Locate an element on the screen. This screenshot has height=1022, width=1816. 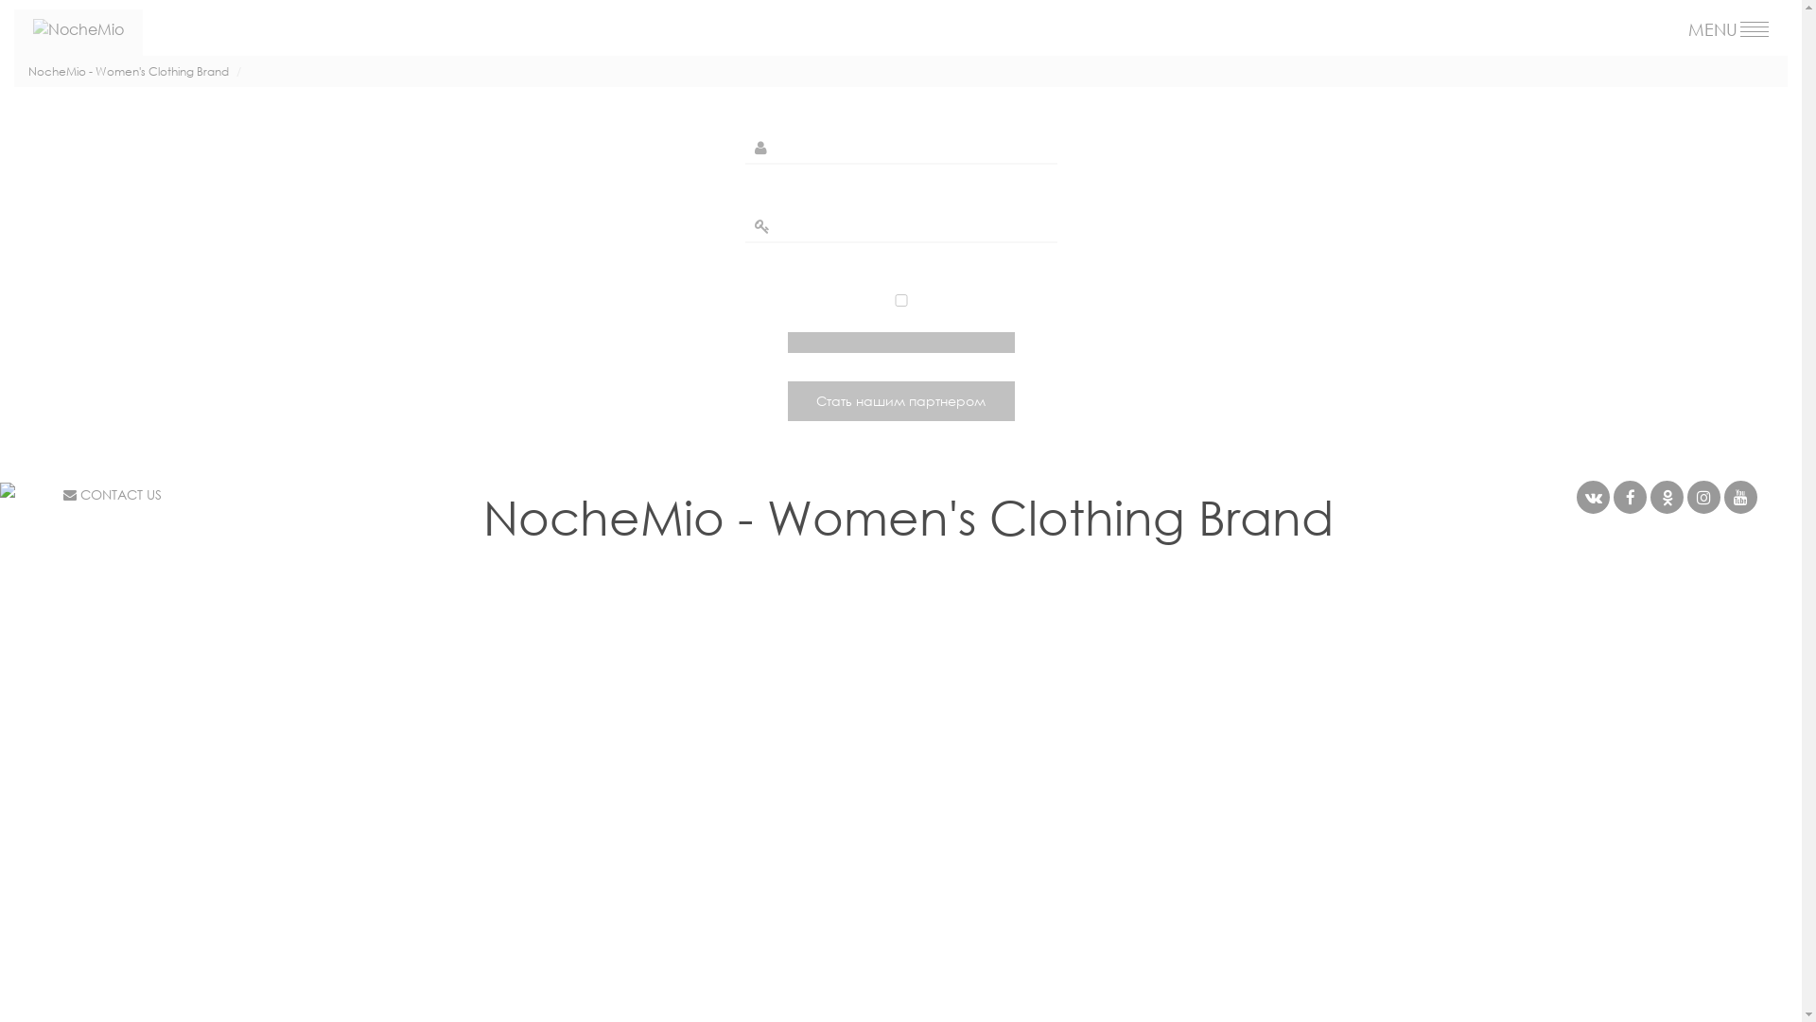
'CONTACT US' is located at coordinates (63, 493).